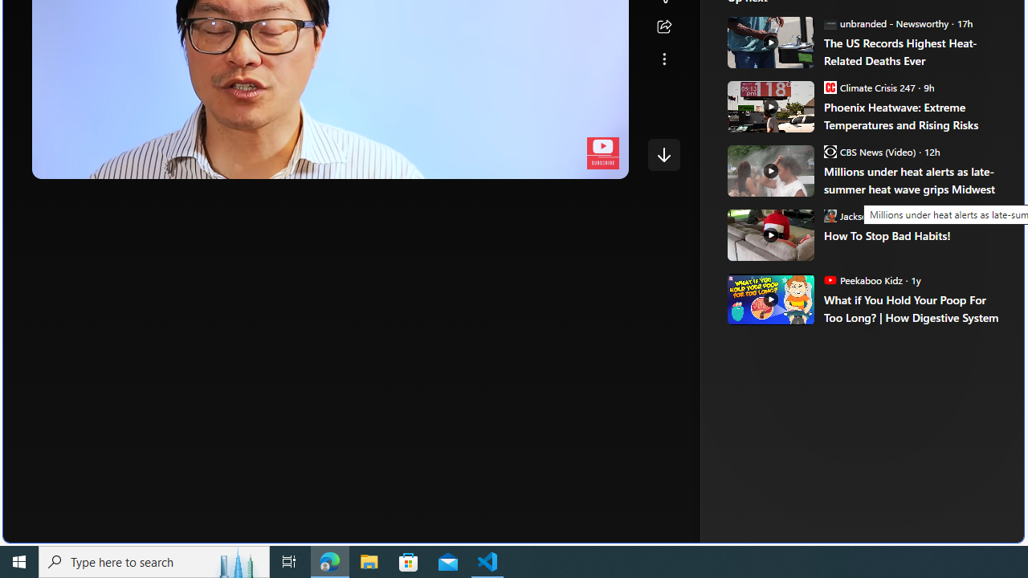 This screenshot has width=1028, height=578. Describe the element at coordinates (830, 214) in the screenshot. I see `'Jackson O'` at that location.